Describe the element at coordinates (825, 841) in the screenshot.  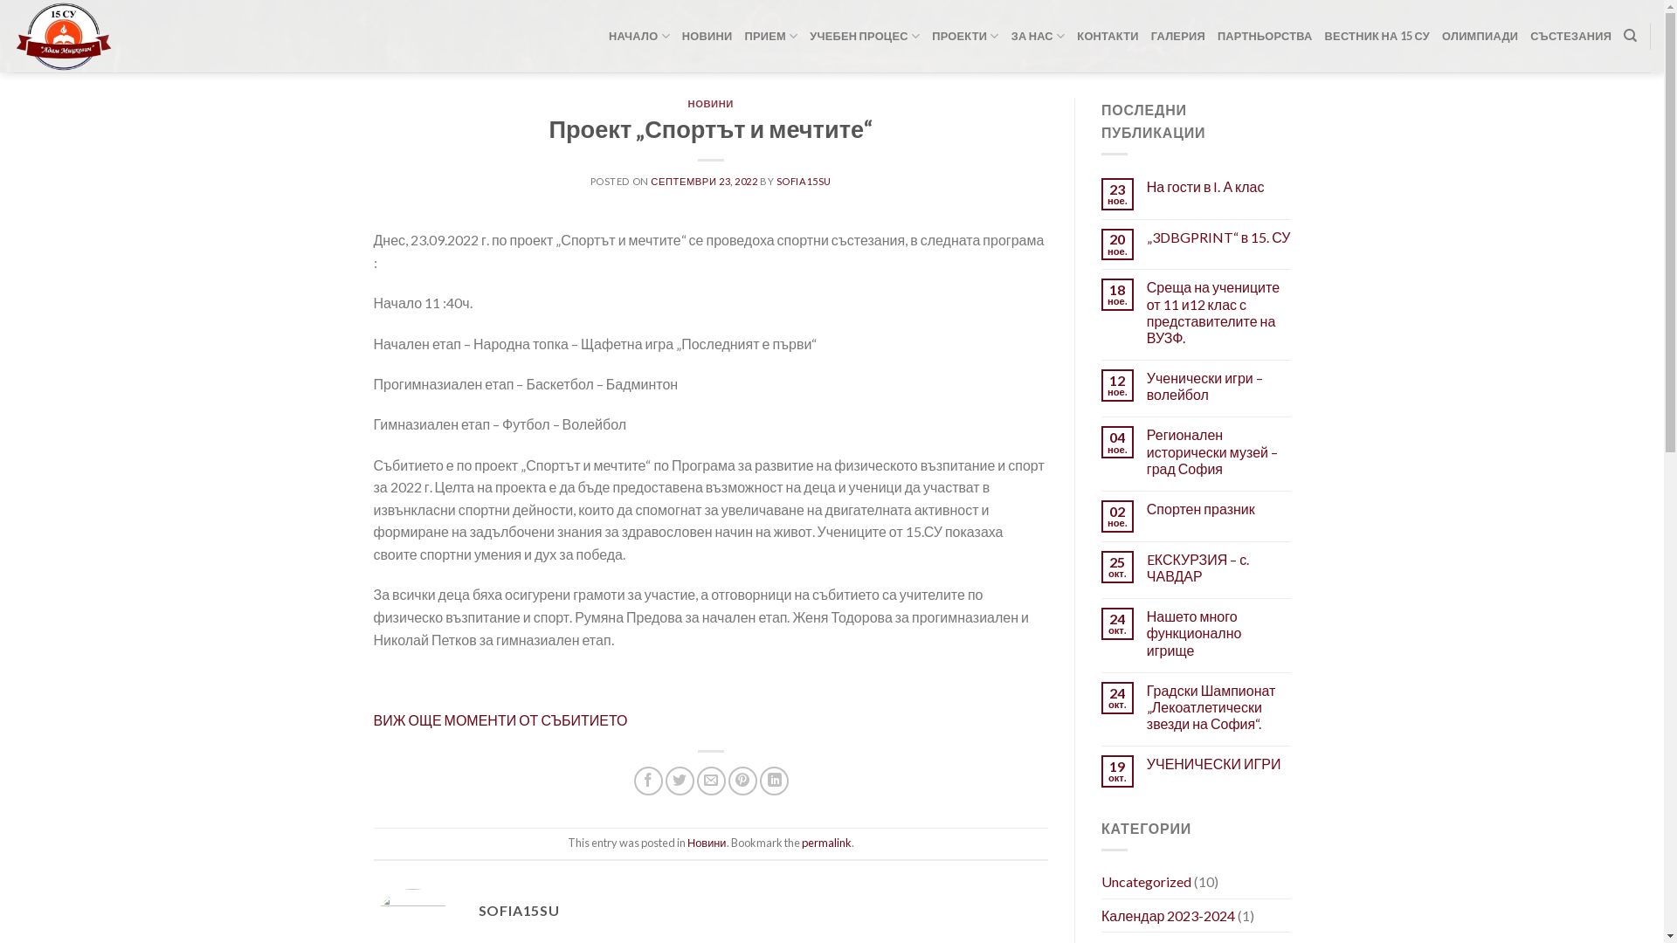
I see `'permalink'` at that location.